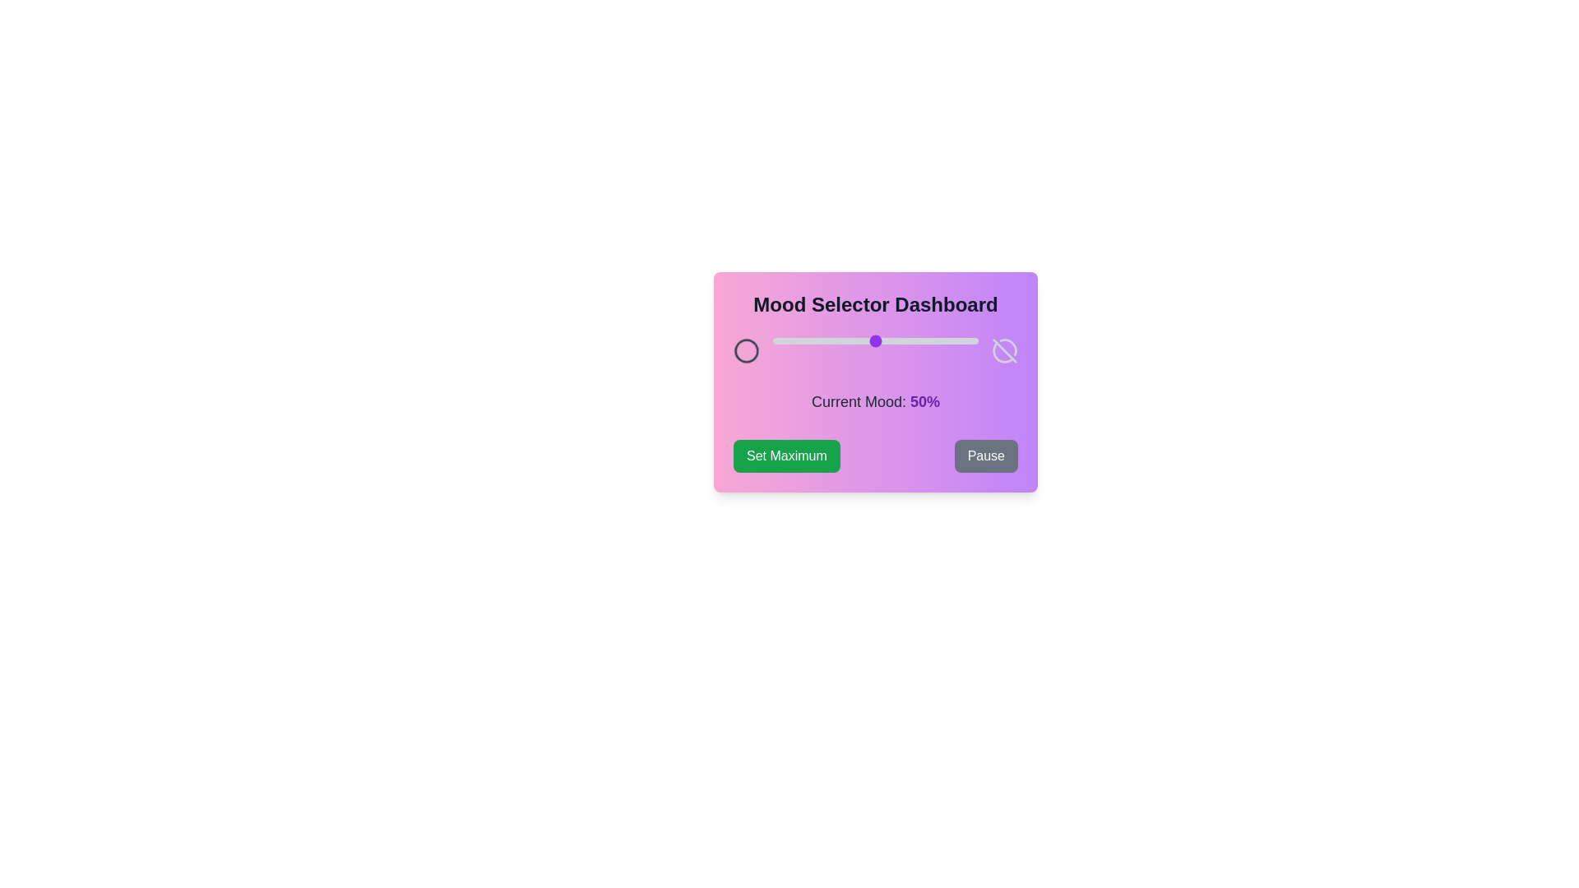  What do you see at coordinates (785, 456) in the screenshot?
I see `'Set Maximum' button to set the mood to 100%` at bounding box center [785, 456].